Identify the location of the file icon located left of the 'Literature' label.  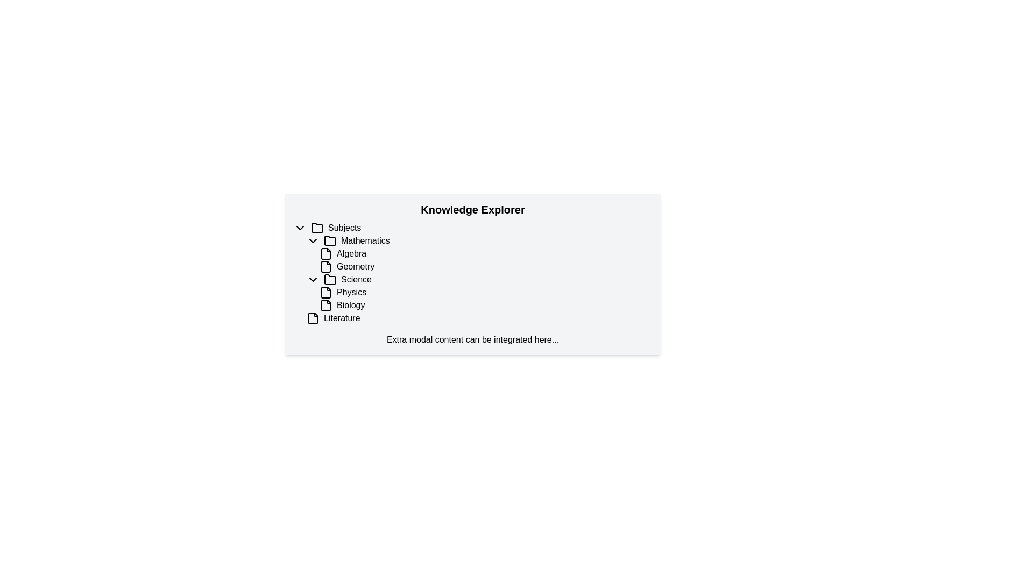
(312, 317).